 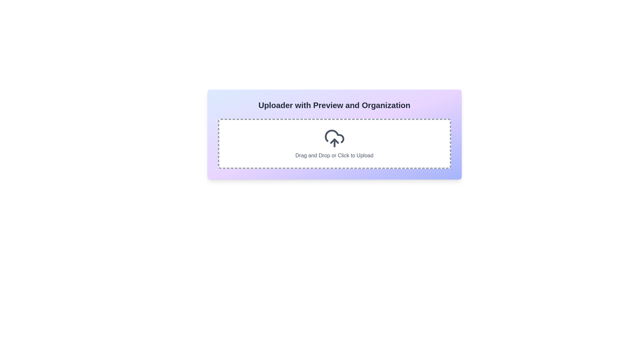 I want to click on the cloud icon representing the upload functionality, which is located centrally within the upload component labeled 'Drag and Drop or Click to Upload', so click(x=334, y=138).